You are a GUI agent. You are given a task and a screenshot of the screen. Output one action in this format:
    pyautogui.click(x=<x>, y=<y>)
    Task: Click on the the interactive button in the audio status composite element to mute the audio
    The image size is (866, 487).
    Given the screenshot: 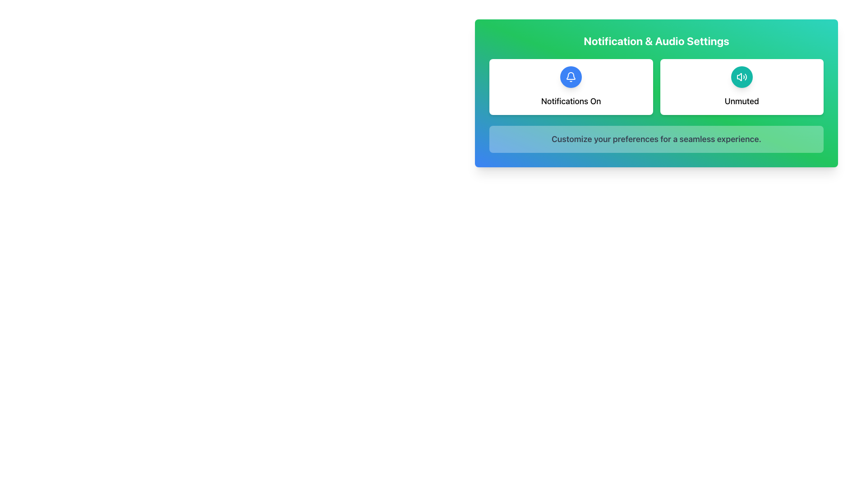 What is the action you would take?
    pyautogui.click(x=742, y=87)
    